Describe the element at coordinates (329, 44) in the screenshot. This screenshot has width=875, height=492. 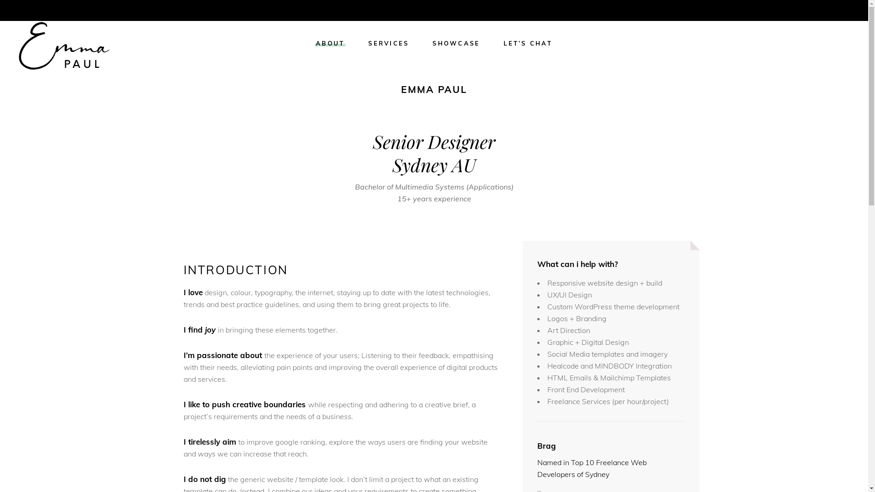
I see `'ABOUT'` at that location.